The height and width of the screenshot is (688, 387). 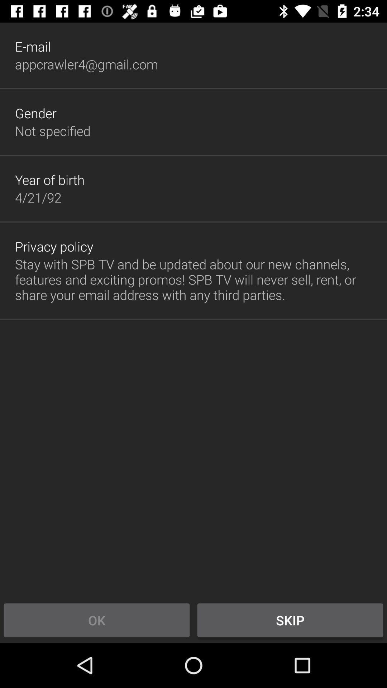 What do you see at coordinates (38, 197) in the screenshot?
I see `the 4/21/92 icon` at bounding box center [38, 197].